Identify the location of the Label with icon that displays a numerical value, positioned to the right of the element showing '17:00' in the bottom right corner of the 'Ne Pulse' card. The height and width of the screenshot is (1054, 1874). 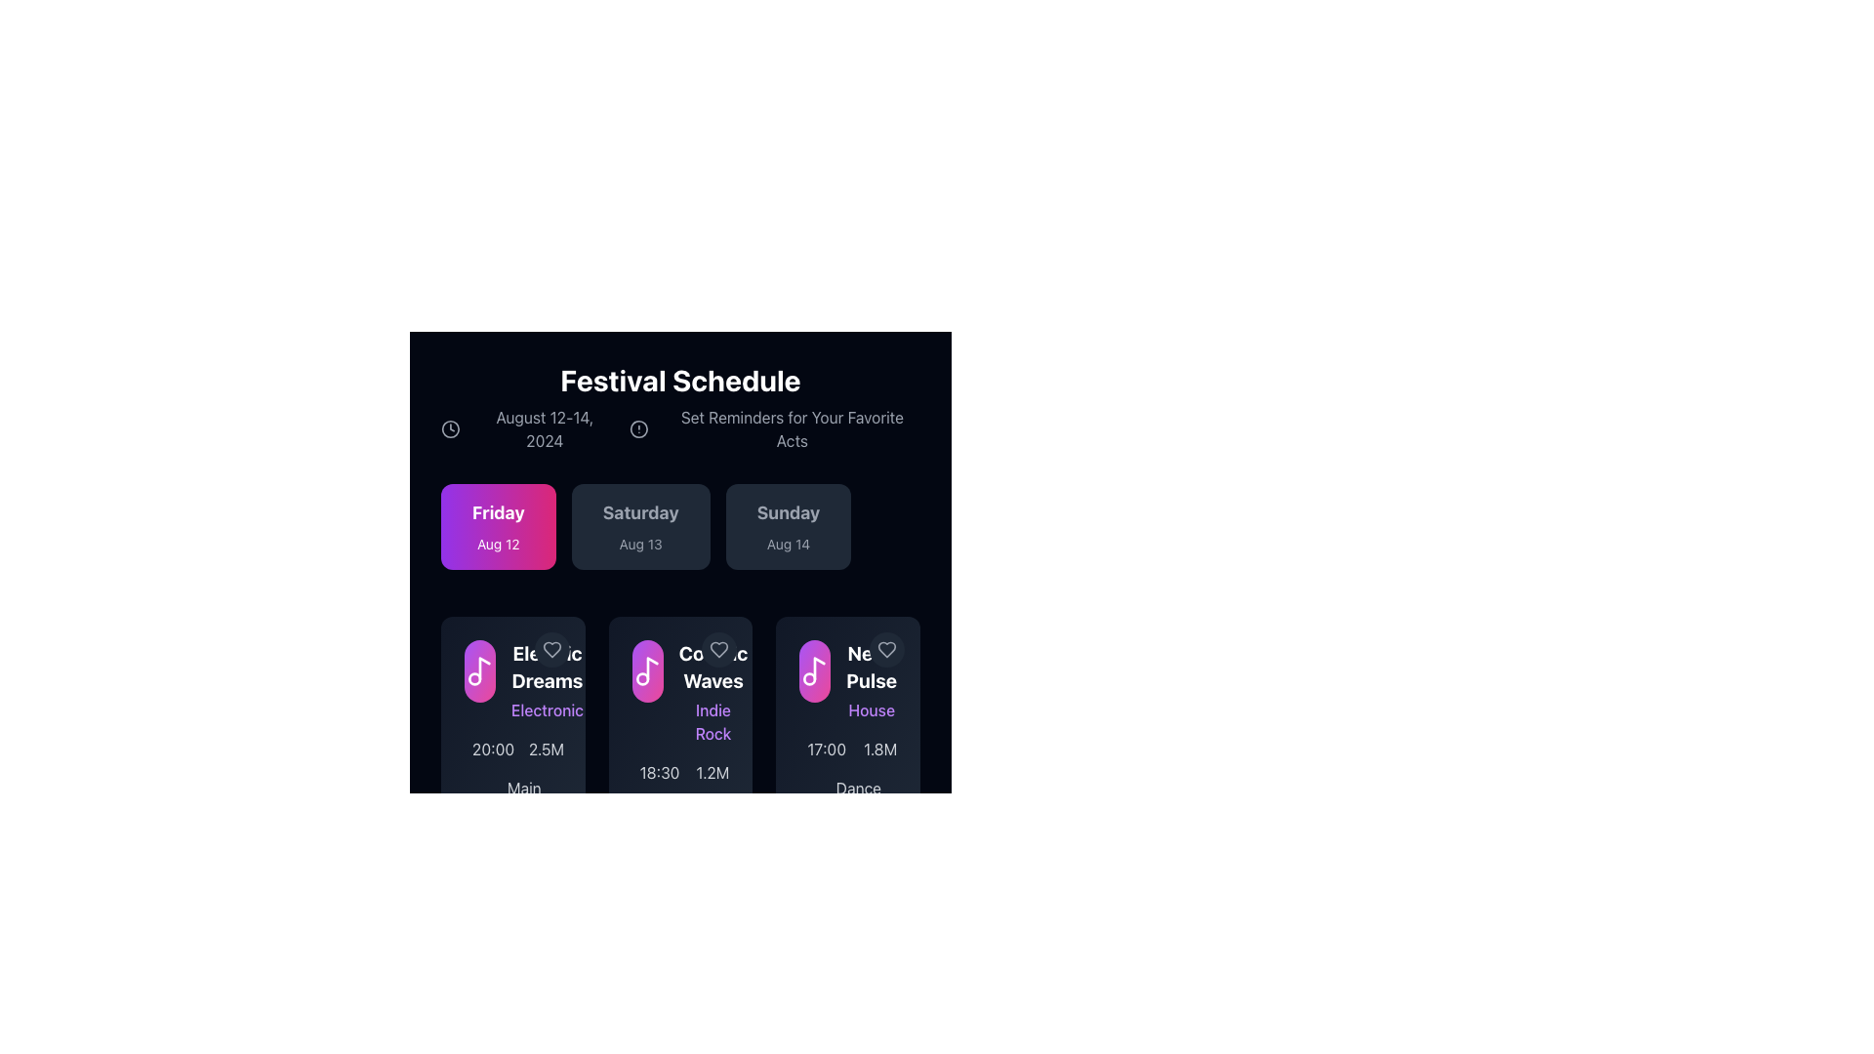
(875, 748).